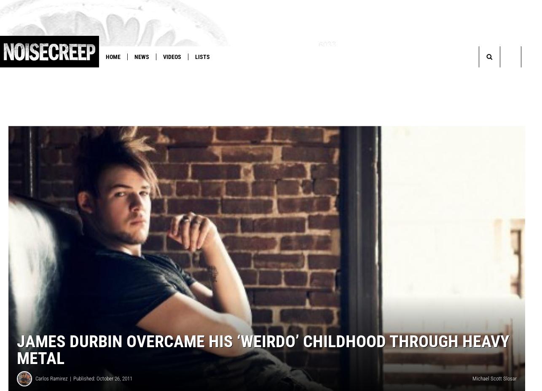  Describe the element at coordinates (77, 74) in the screenshot. I see `'You Think You Know Metal?'` at that location.